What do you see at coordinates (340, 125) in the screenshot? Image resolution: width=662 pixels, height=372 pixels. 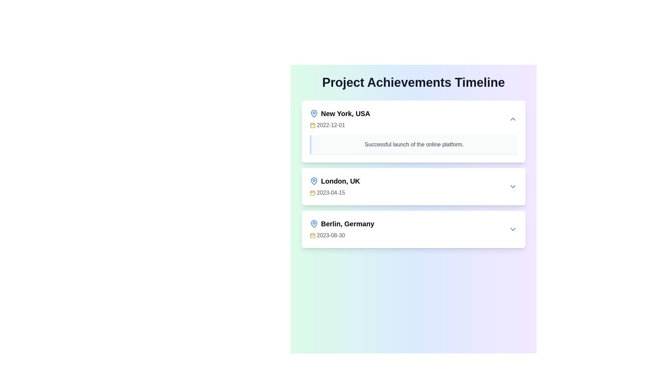 I see `date displayed in the Date Display element located below 'New York, USA'` at bounding box center [340, 125].